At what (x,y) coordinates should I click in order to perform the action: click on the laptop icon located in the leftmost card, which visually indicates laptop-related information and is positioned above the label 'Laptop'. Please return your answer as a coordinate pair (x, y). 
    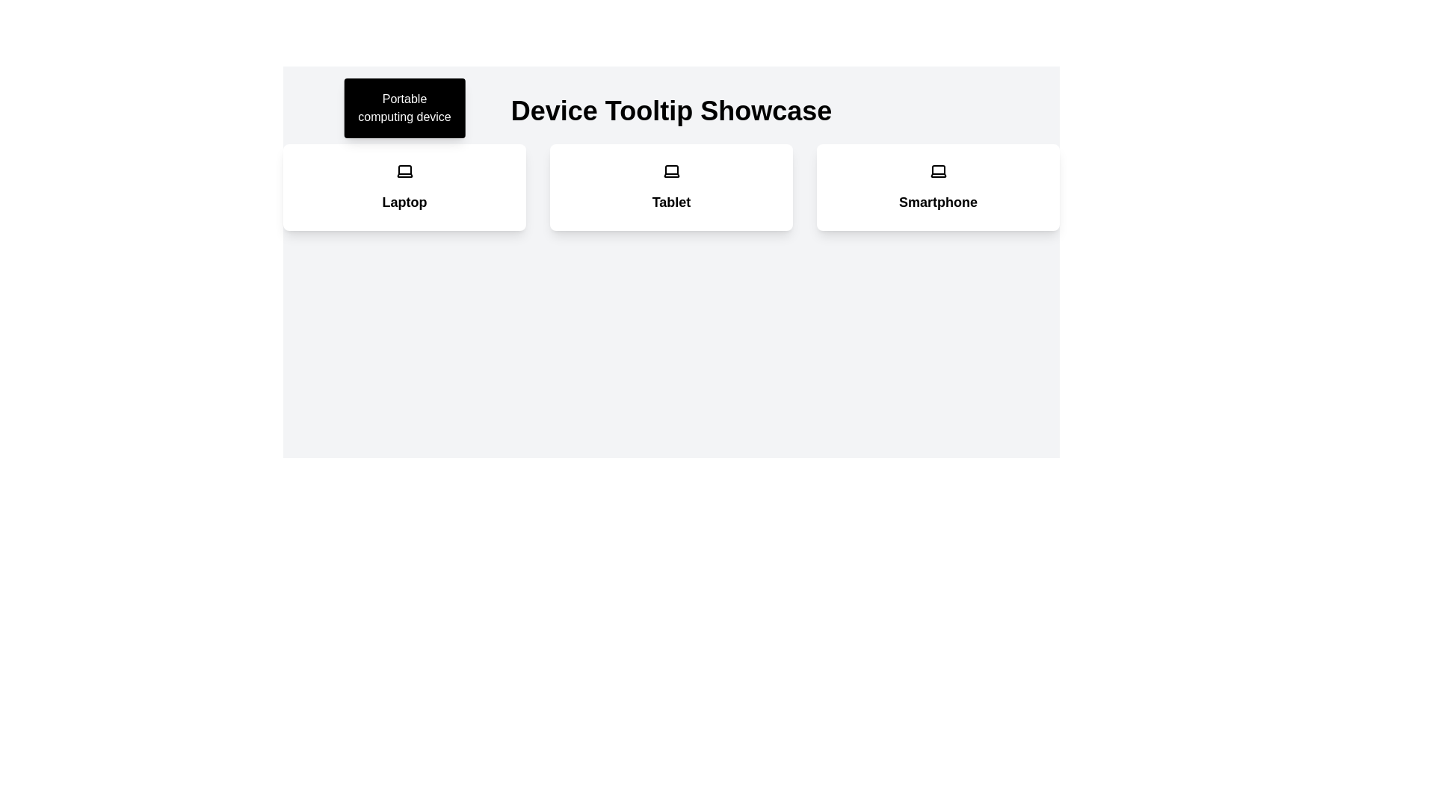
    Looking at the image, I should click on (404, 170).